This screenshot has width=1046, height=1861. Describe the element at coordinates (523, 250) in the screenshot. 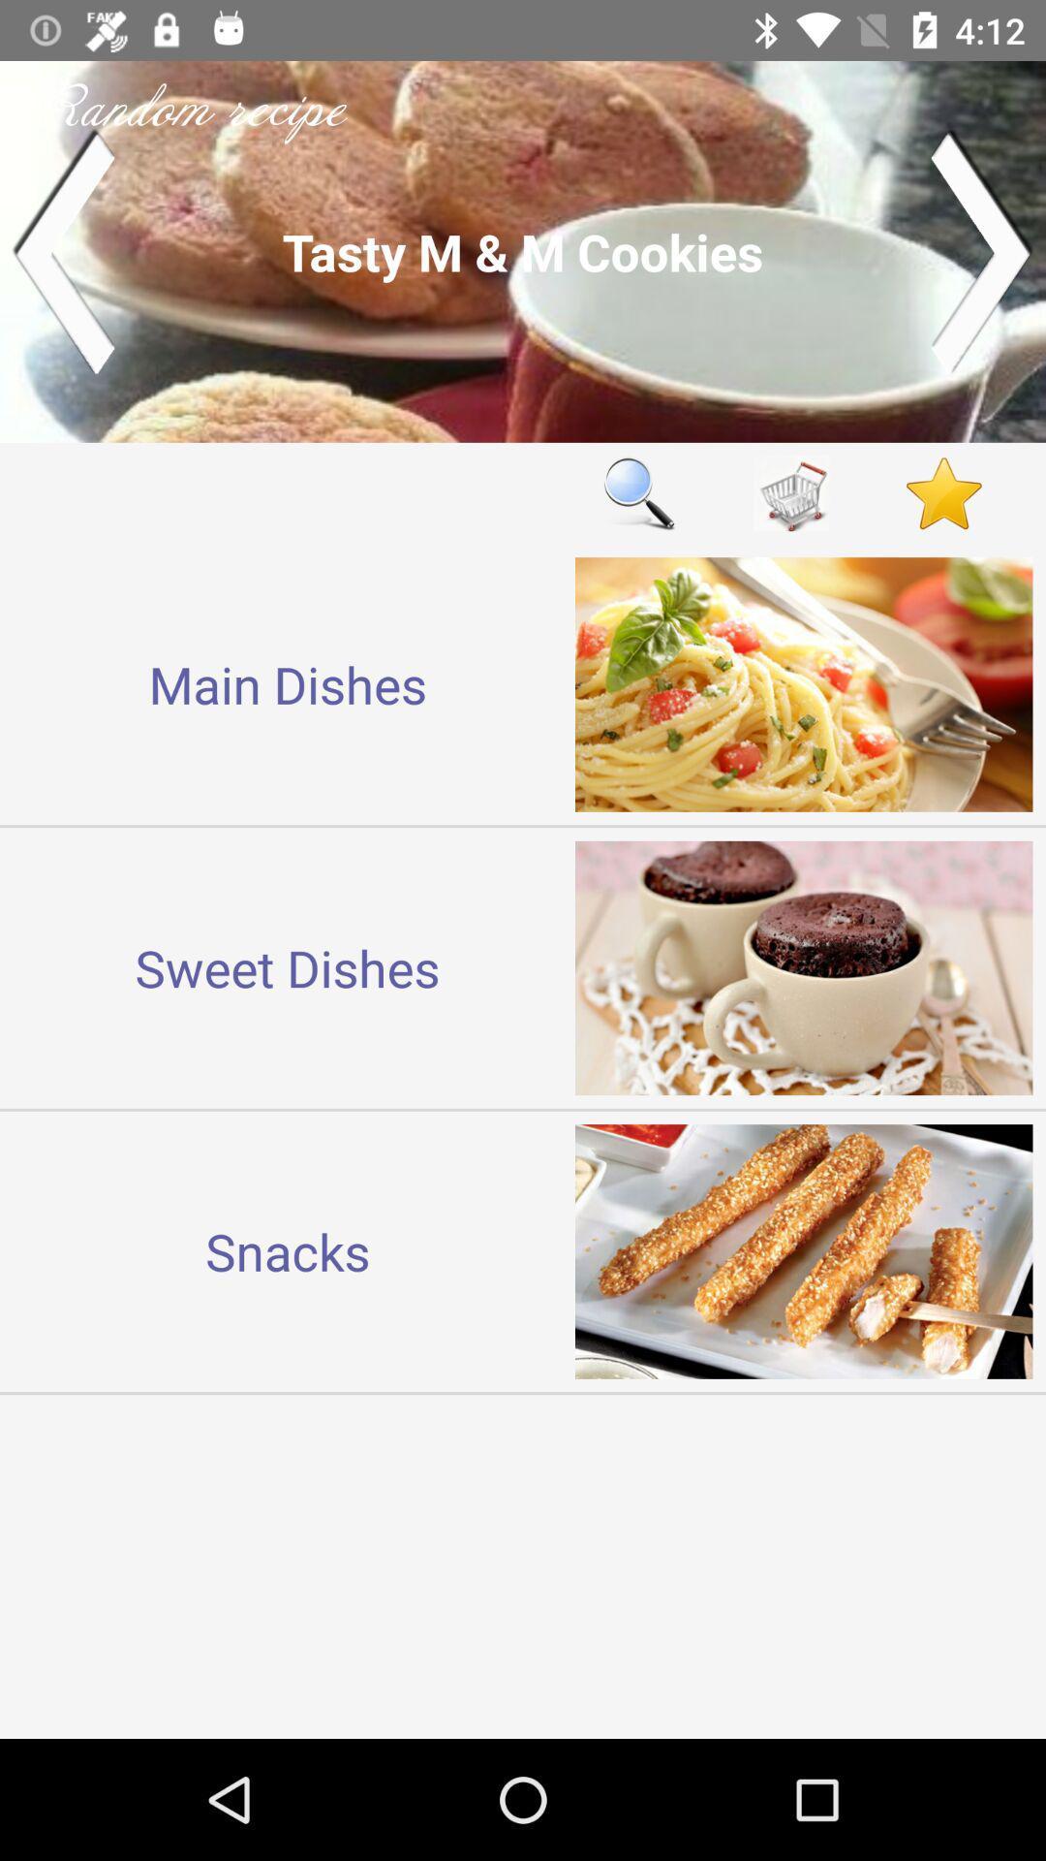

I see `recipe` at that location.